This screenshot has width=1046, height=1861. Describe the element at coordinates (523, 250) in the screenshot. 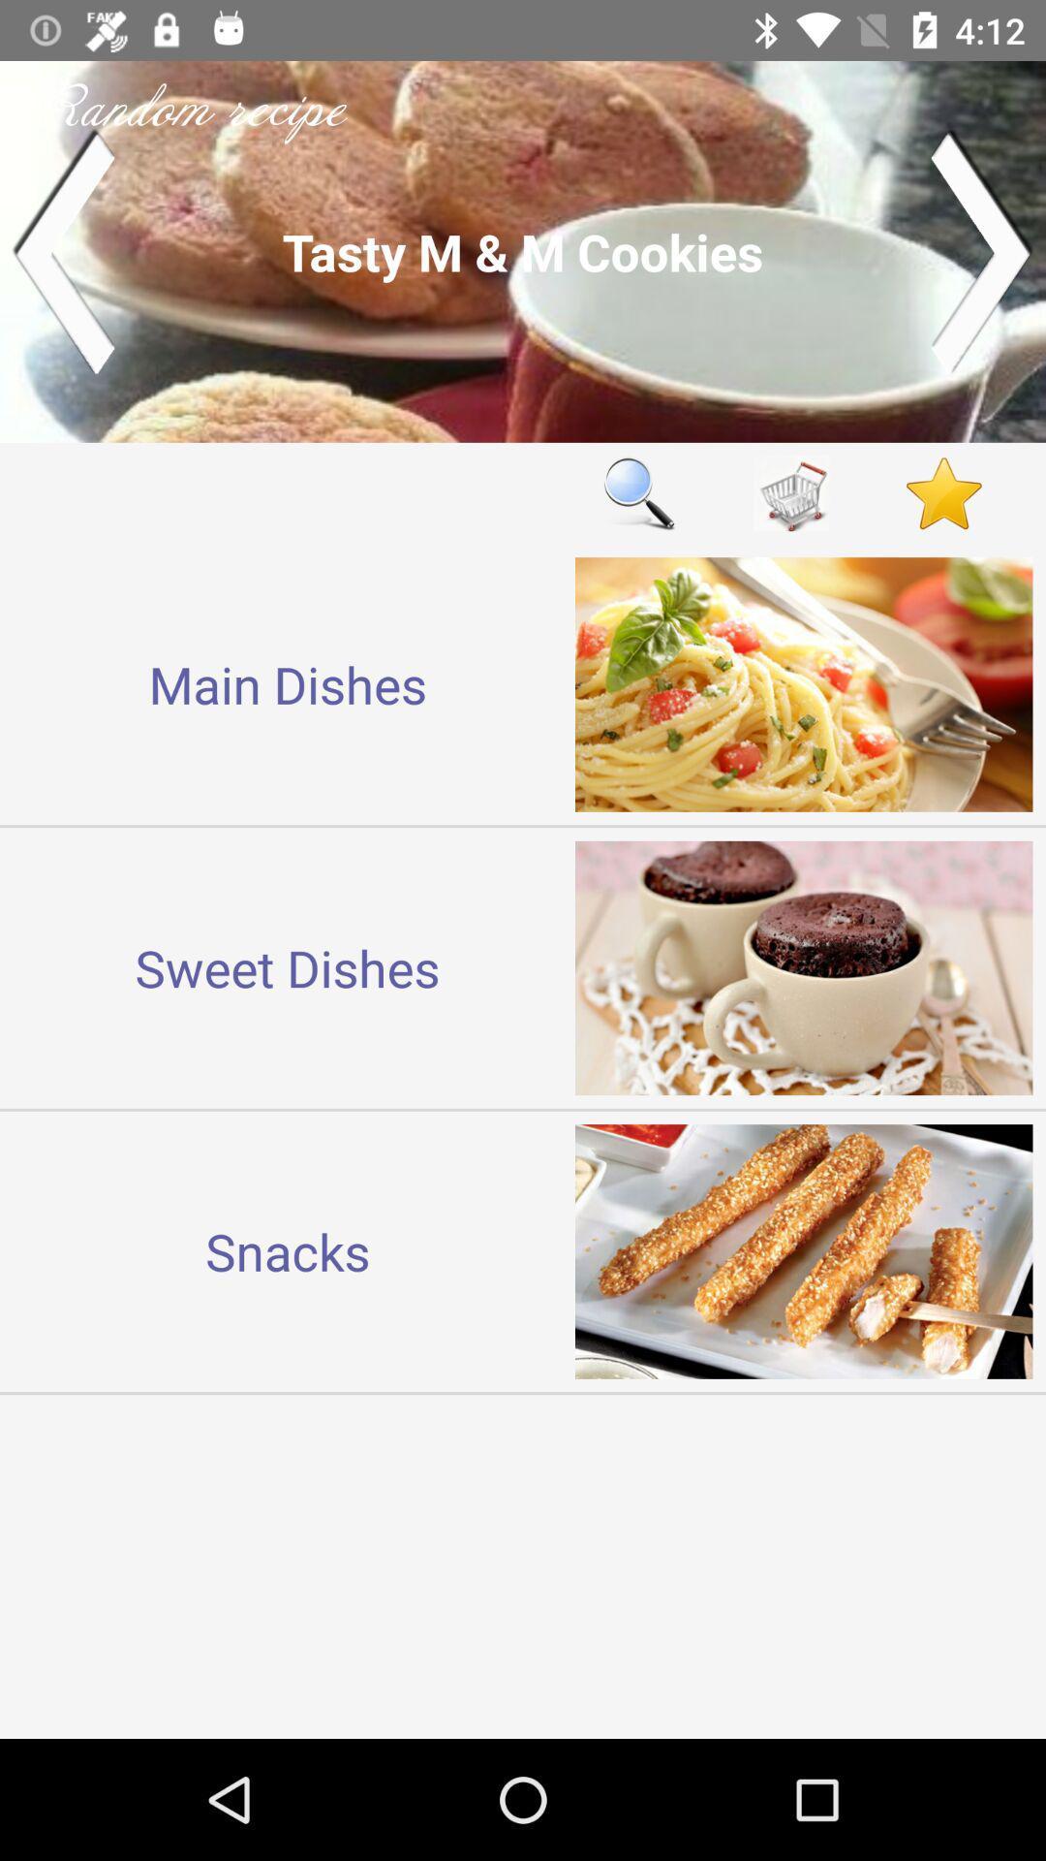

I see `recipe` at that location.